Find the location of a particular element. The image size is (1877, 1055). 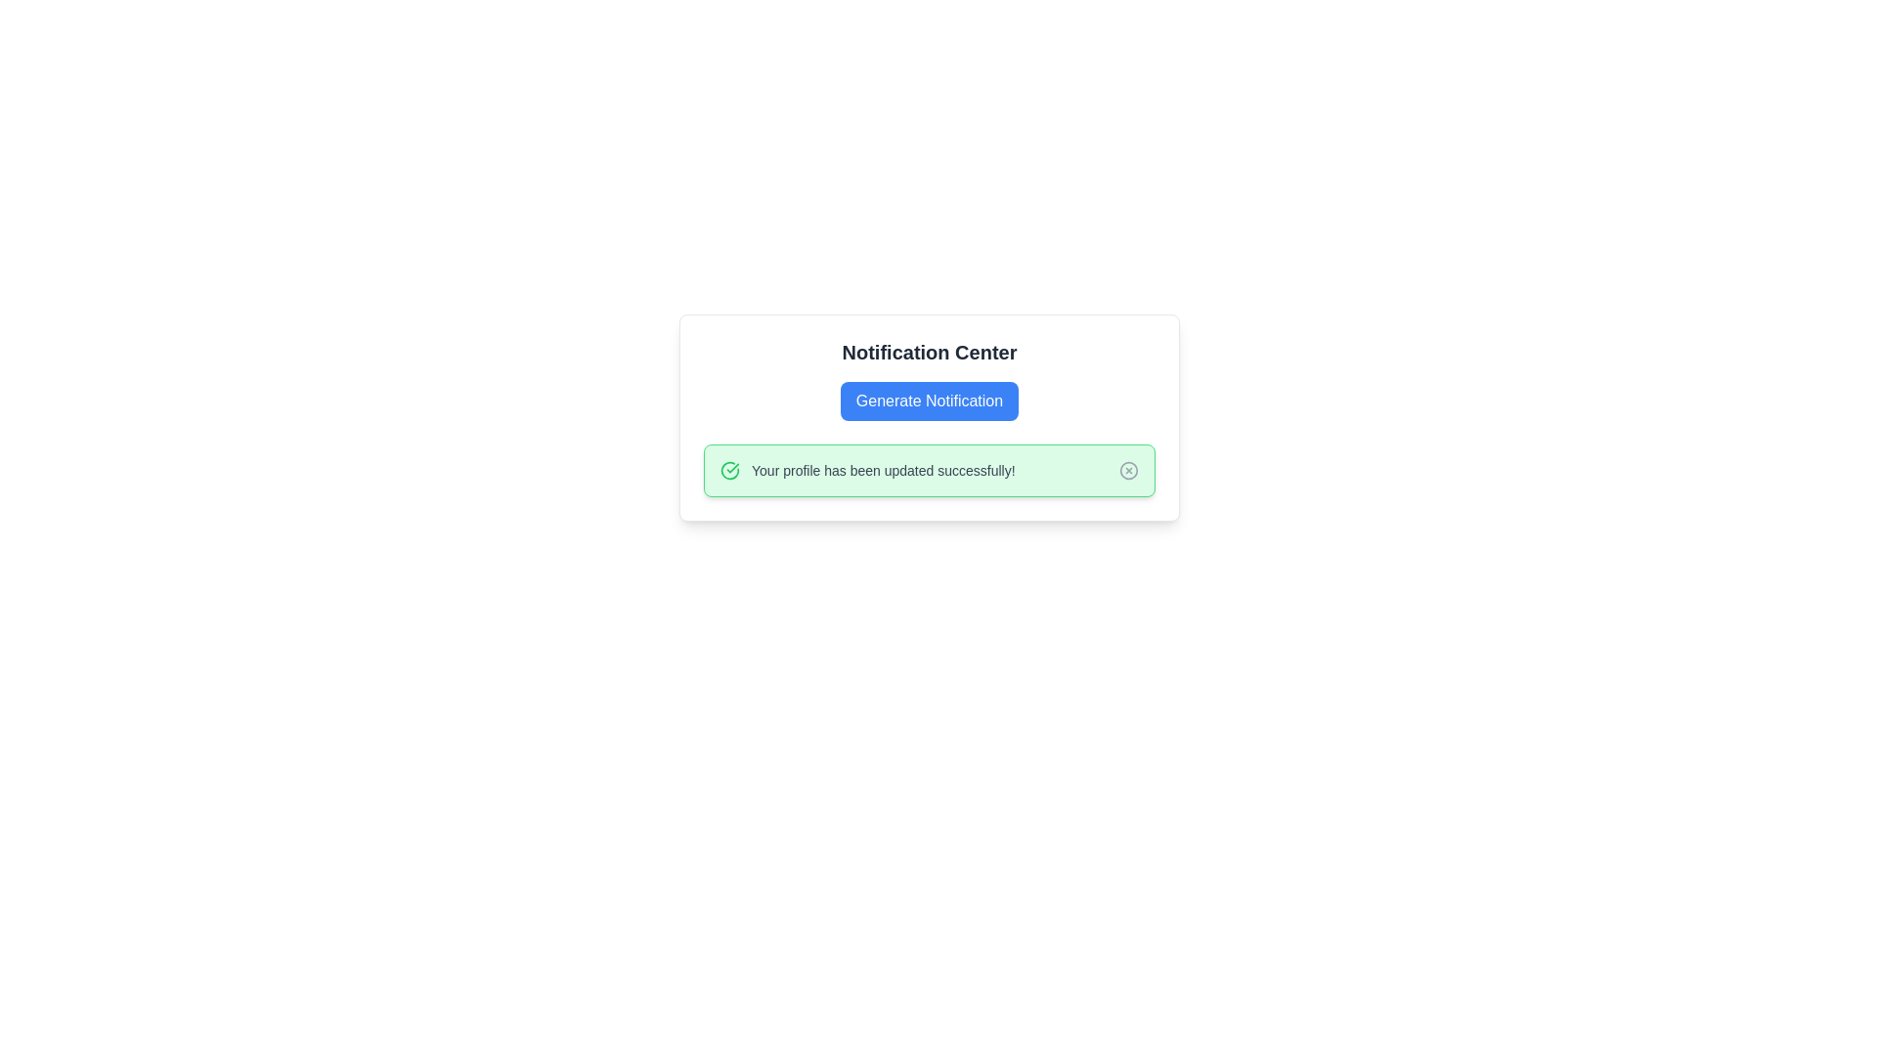

text from the text-based heading that serves as the header for the notification center card, positioned at the top of the card layout above the 'Generate Notification' button is located at coordinates (928, 353).